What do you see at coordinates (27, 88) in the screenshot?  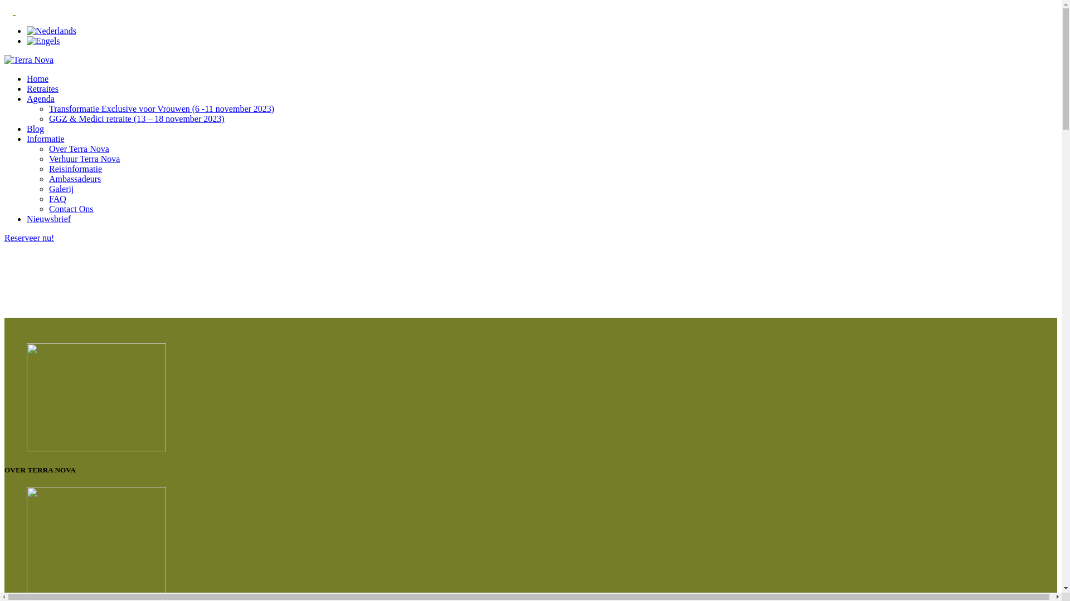 I see `'Retraites'` at bounding box center [27, 88].